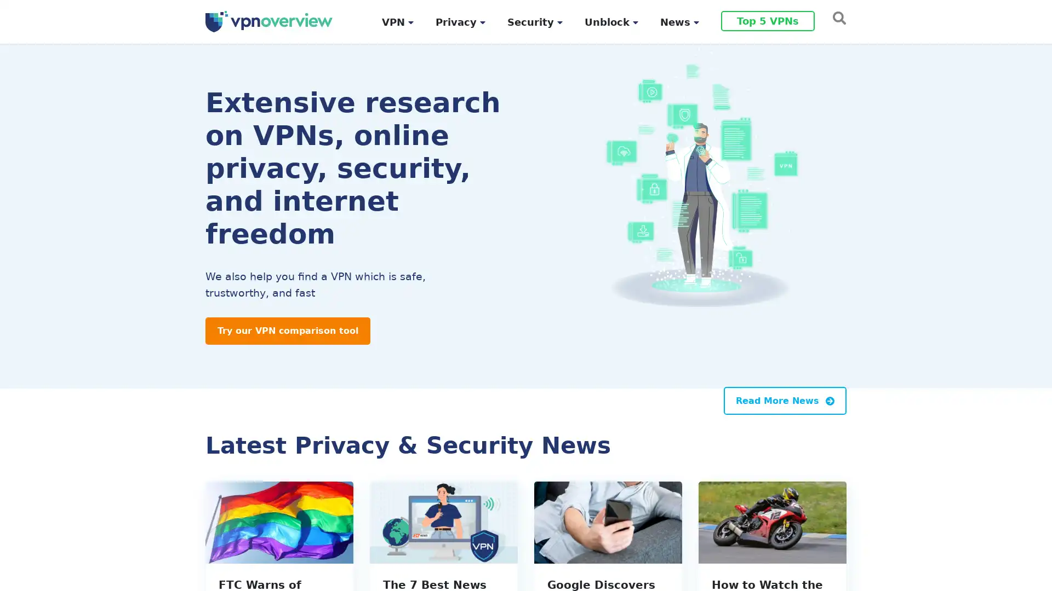 The image size is (1052, 591). I want to click on Search, so click(836, 17).